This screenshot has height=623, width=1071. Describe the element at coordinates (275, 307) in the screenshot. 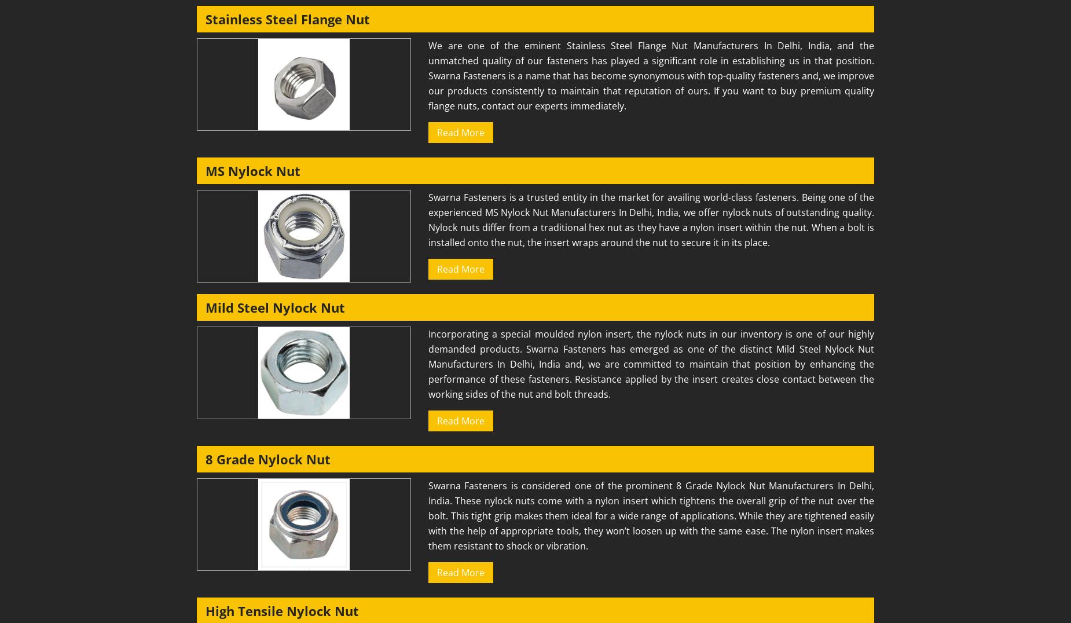

I see `'Mild Steel Nylock Nut'` at that location.